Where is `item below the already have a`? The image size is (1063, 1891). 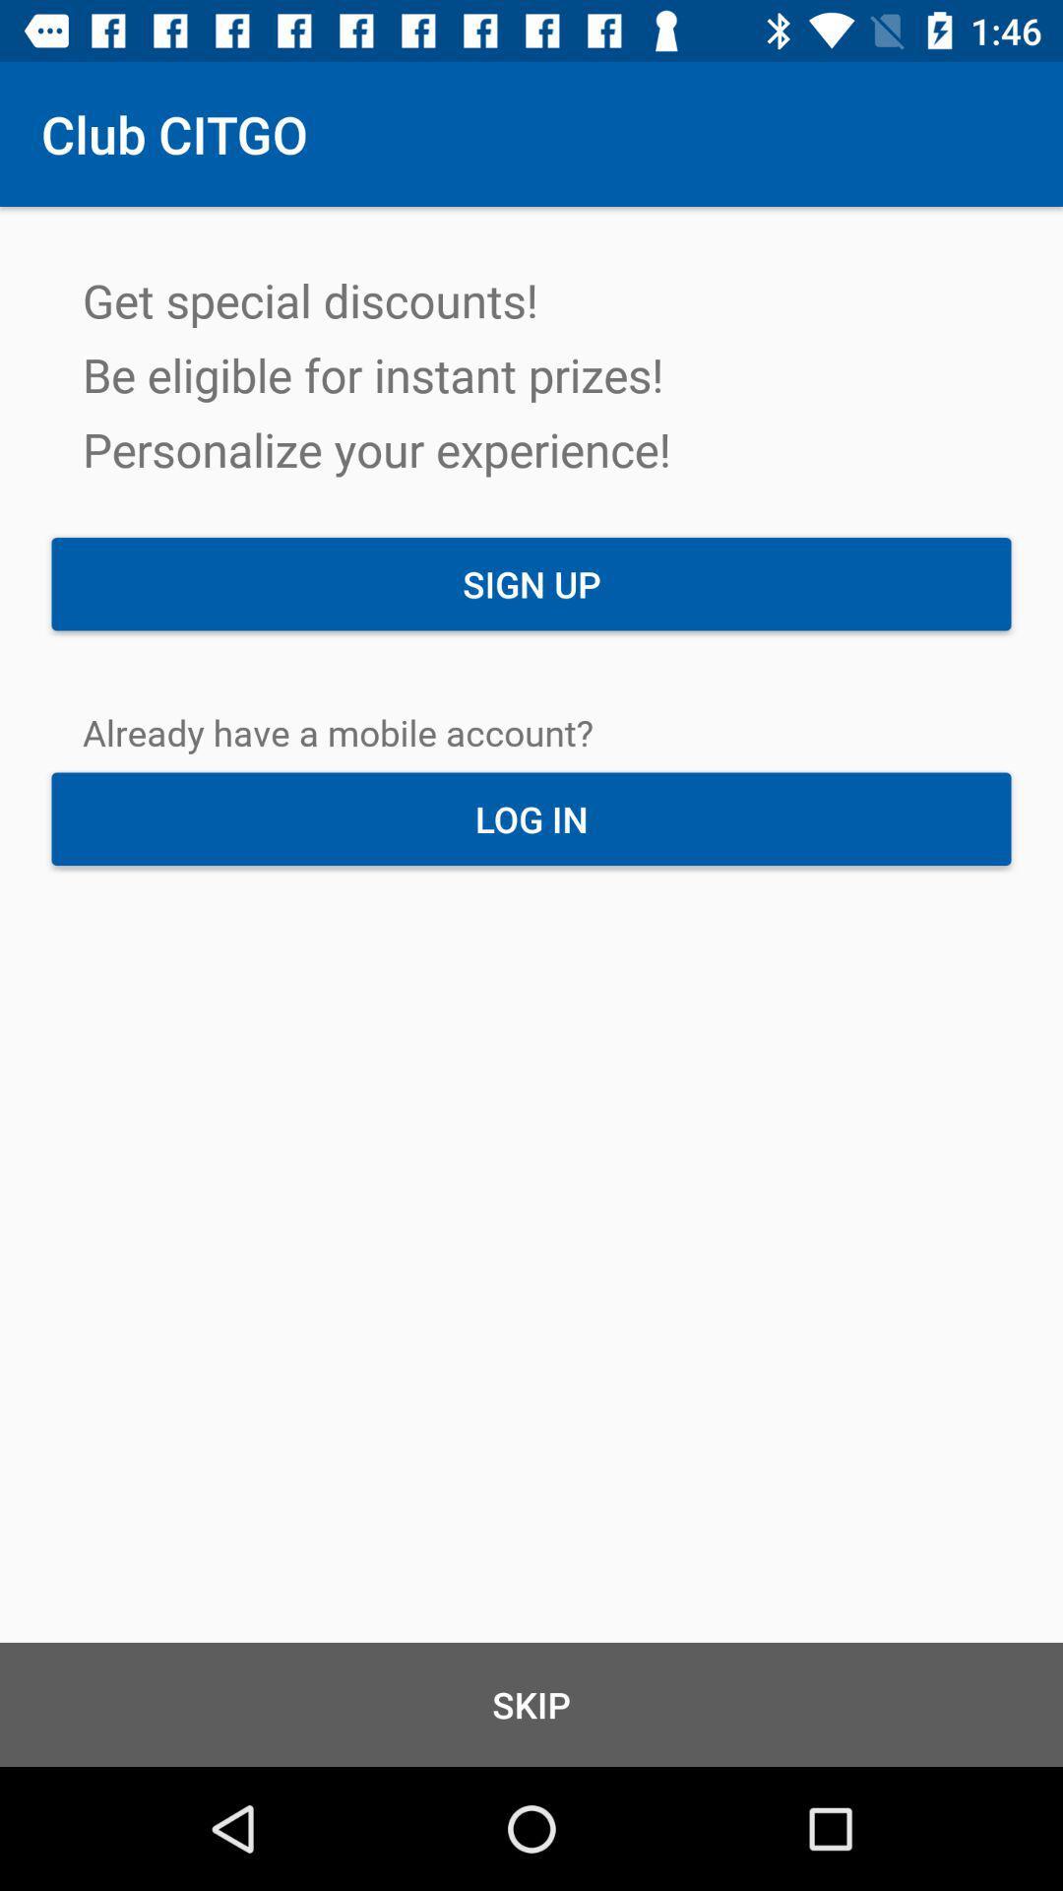 item below the already have a is located at coordinates (531, 818).